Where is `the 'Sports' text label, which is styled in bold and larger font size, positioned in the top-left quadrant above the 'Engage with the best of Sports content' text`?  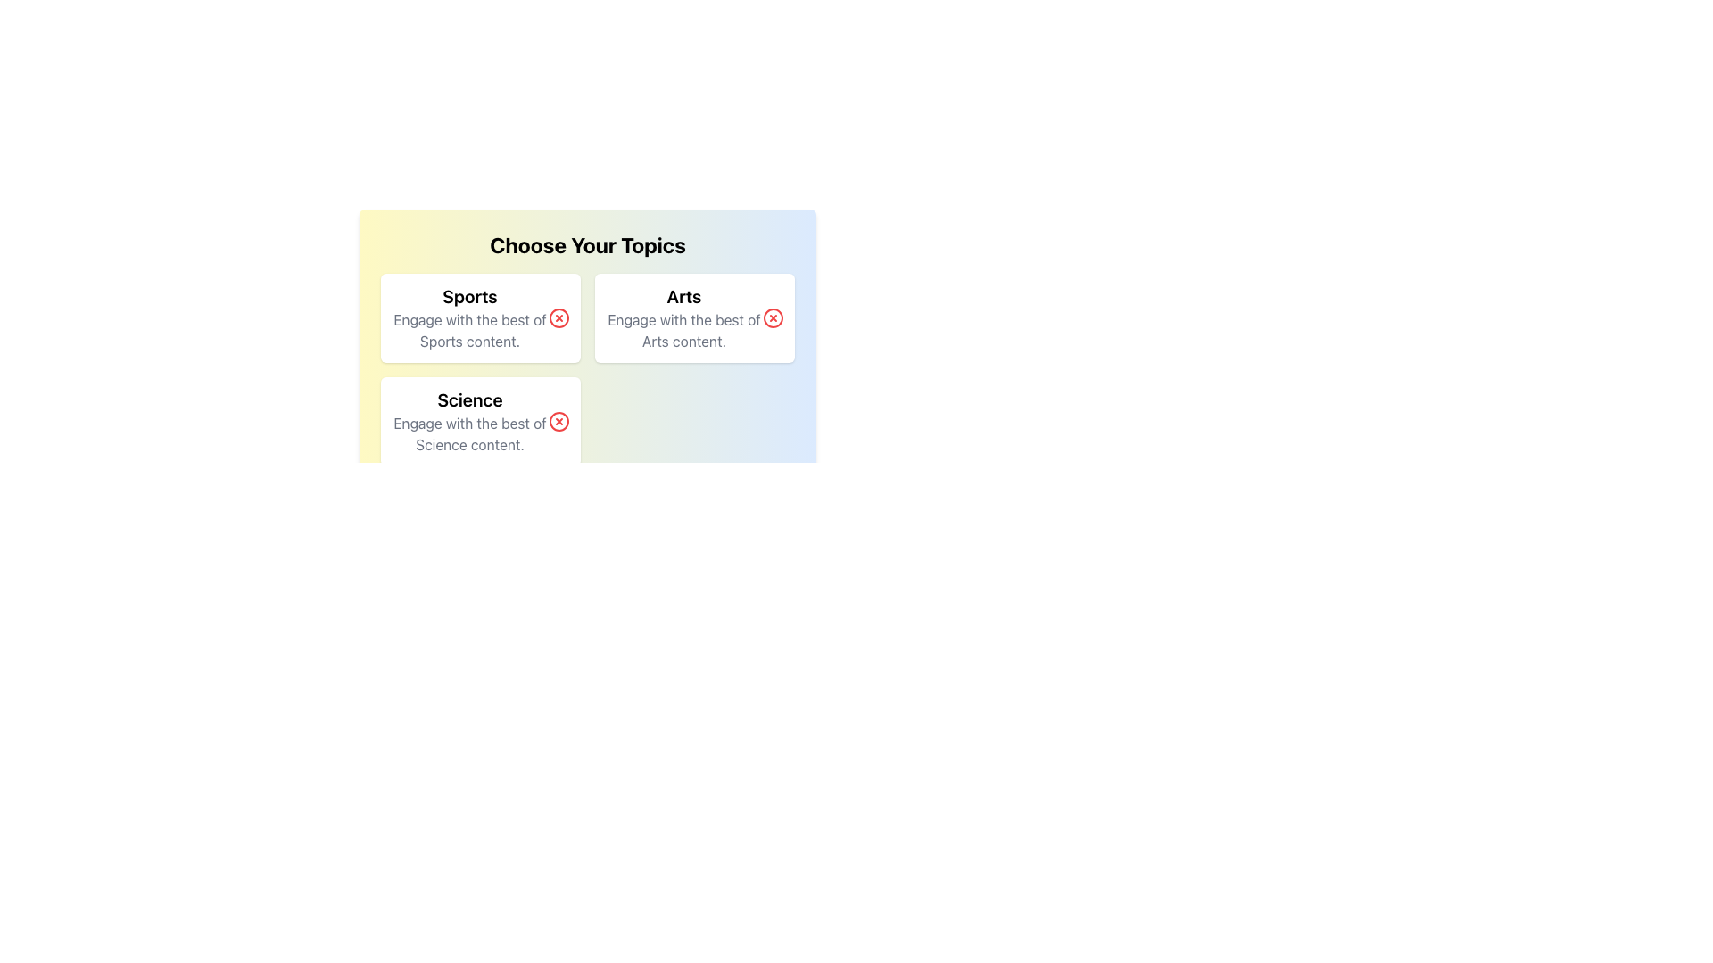 the 'Sports' text label, which is styled in bold and larger font size, positioned in the top-left quadrant above the 'Engage with the best of Sports content' text is located at coordinates (470, 295).